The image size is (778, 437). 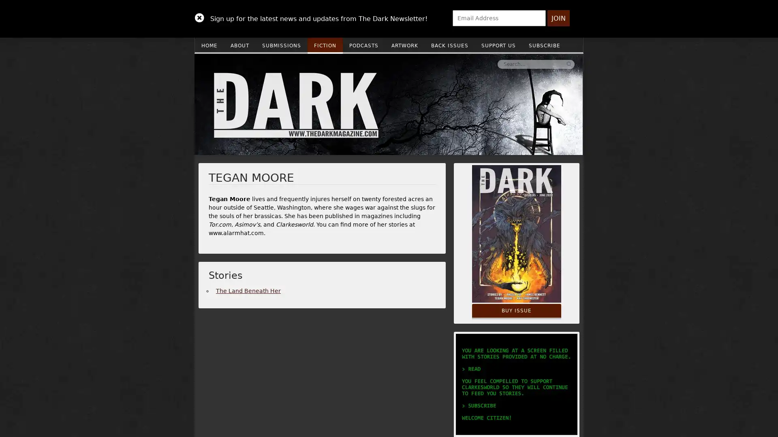 What do you see at coordinates (447, 64) in the screenshot?
I see `Search` at bounding box center [447, 64].